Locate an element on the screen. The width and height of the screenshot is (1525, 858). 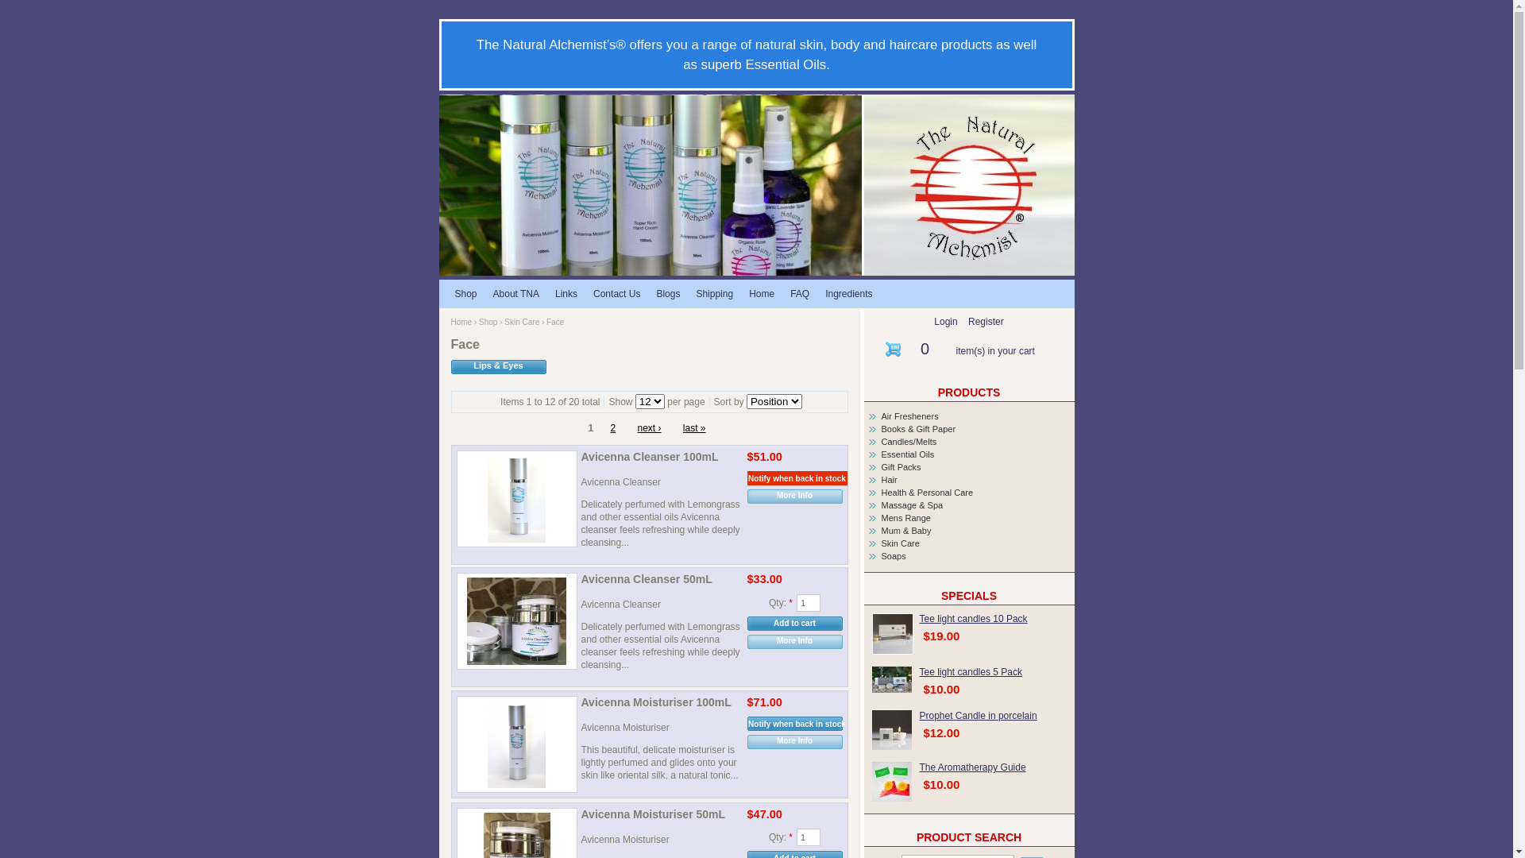
'Login' is located at coordinates (945, 322).